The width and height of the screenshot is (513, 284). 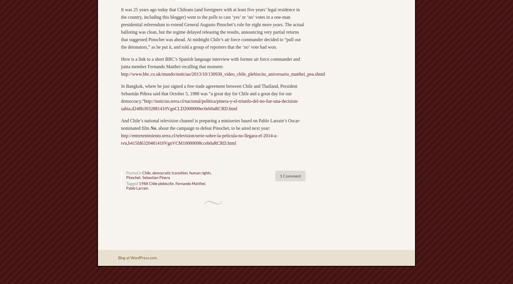 What do you see at coordinates (209, 93) in the screenshot?
I see `'In Bangkok, where he just signed a free trade agreement between Chile and Thailand, President Sebastián Piñera said that October 5, 1988 was “a great day for Chile and a great day for our democracy.”'` at bounding box center [209, 93].